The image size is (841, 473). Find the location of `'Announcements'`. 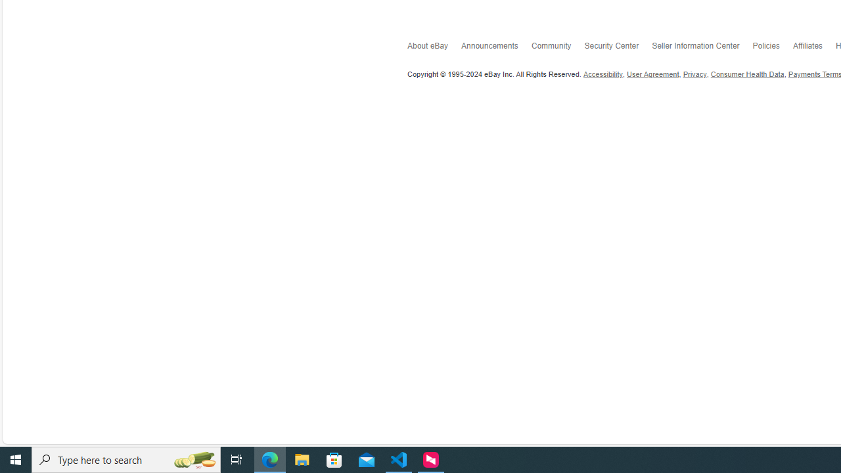

'Announcements' is located at coordinates (495, 47).